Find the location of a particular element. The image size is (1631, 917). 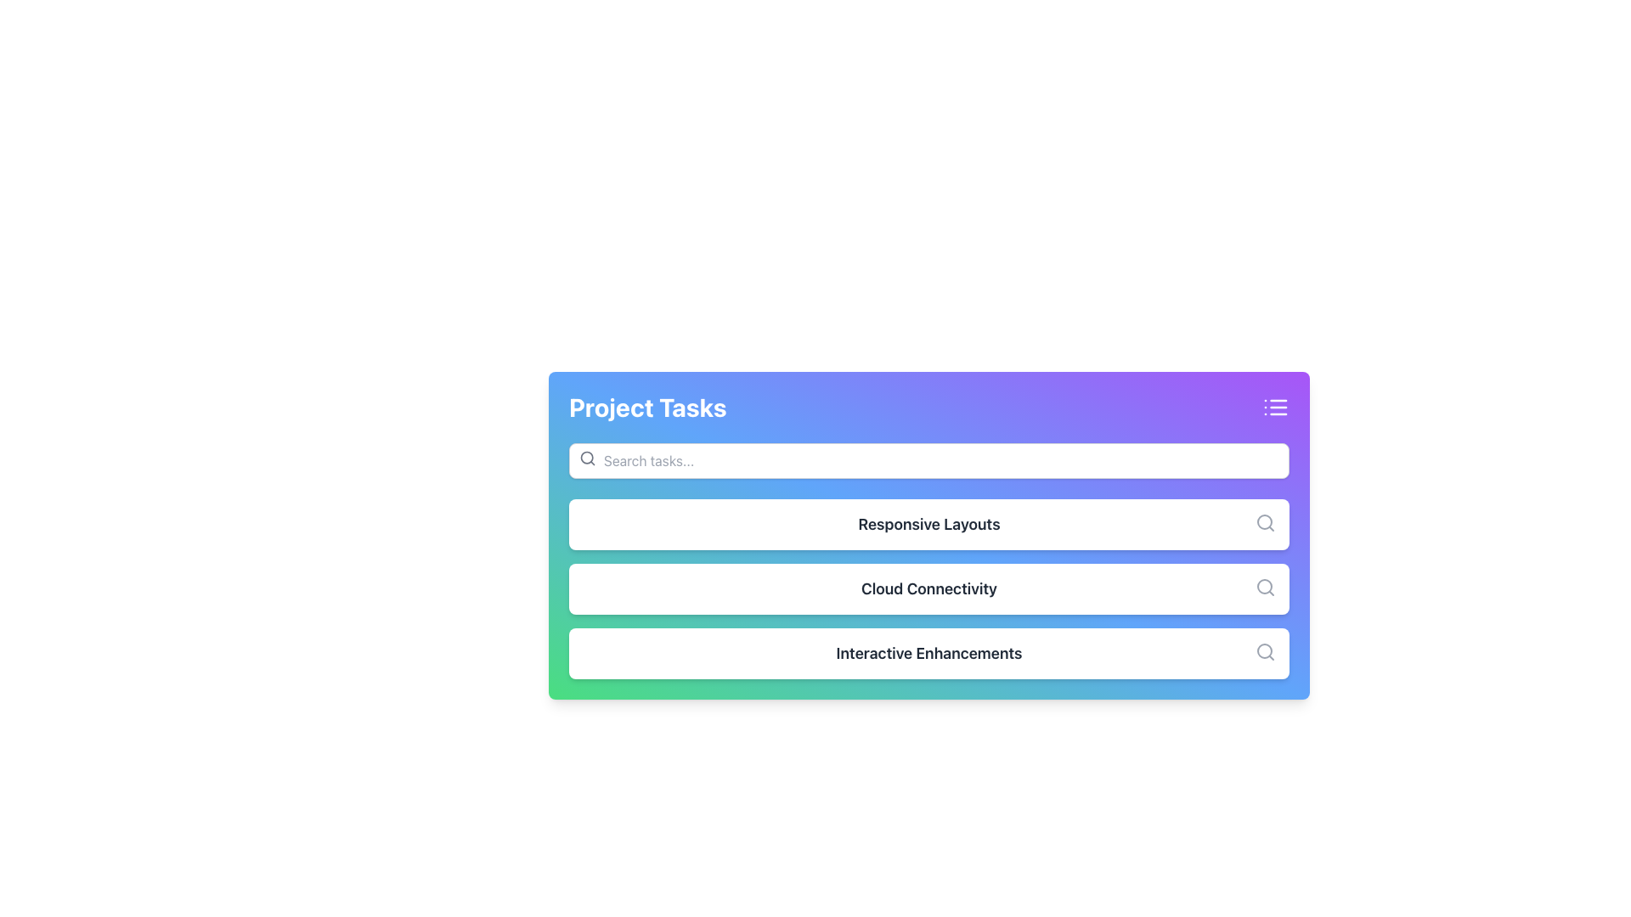

the interactive button located in the top-right corner of the 'Responsive Layouts' card is located at coordinates (1265, 522).